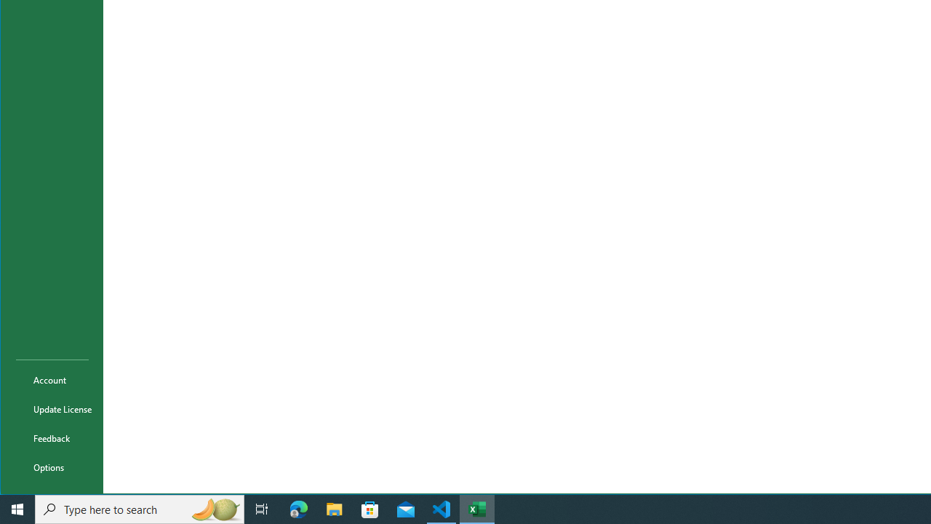 The image size is (931, 524). What do you see at coordinates (477, 508) in the screenshot?
I see `'Excel - 1 running window'` at bounding box center [477, 508].